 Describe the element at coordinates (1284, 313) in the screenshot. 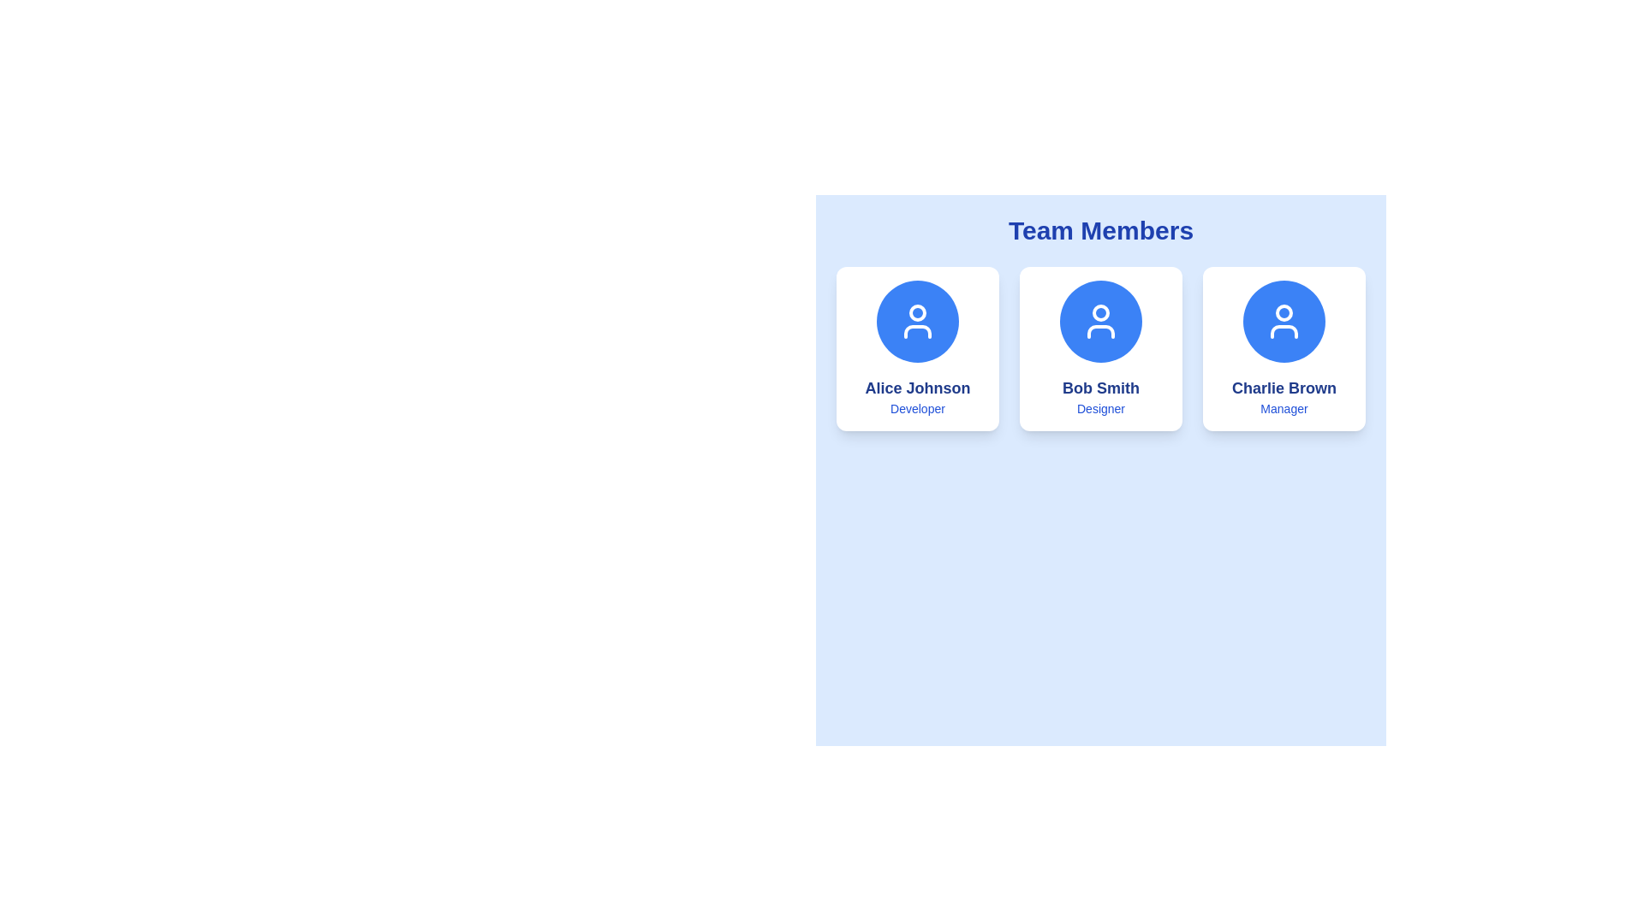

I see `the Circle (SVG graphical element) representing the top of the user's head in the Charlie Brown profile card, which is the third card from the left under the 'Team Members' heading` at that location.